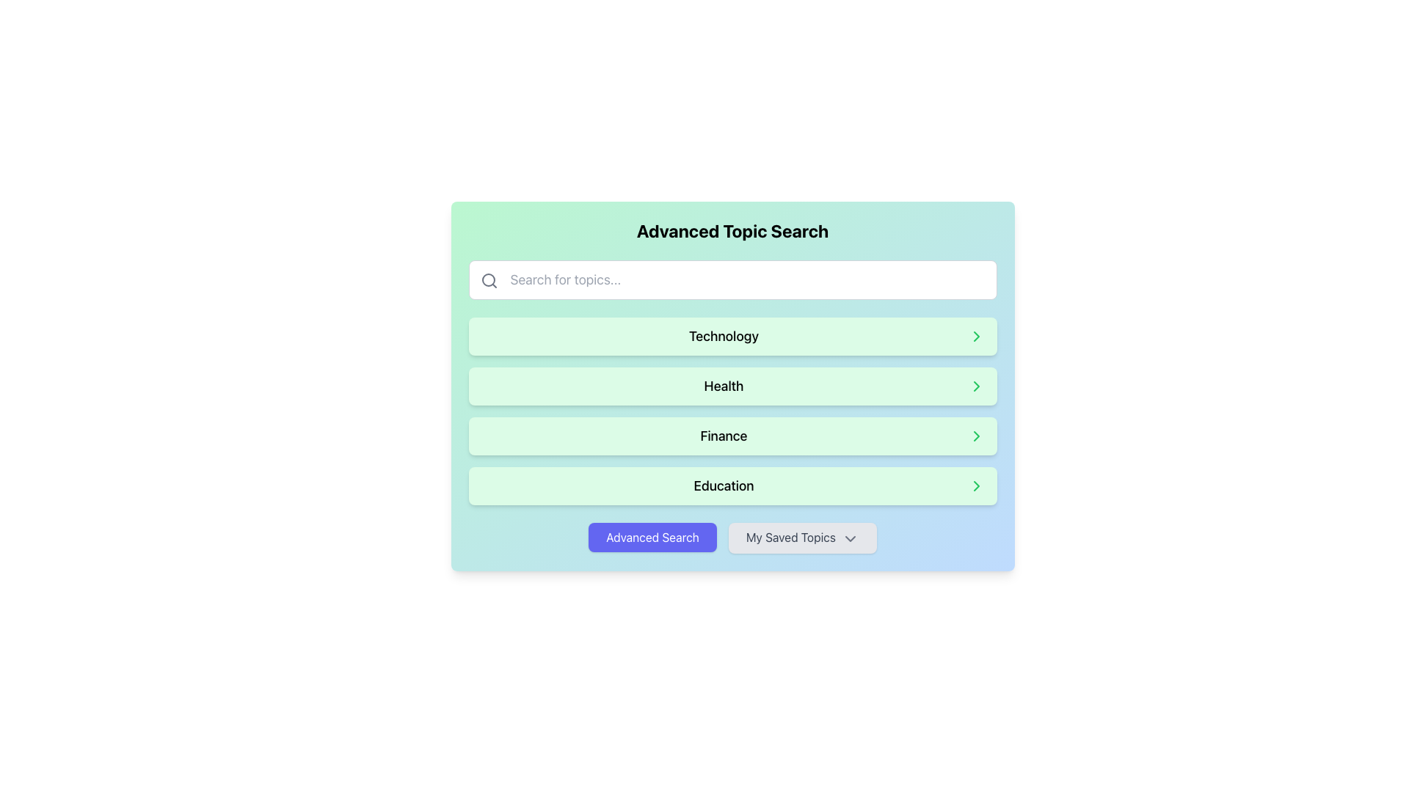  What do you see at coordinates (976, 386) in the screenshot?
I see `the rightward-pointing chevron icon located at the end of the 'Health' menu item` at bounding box center [976, 386].